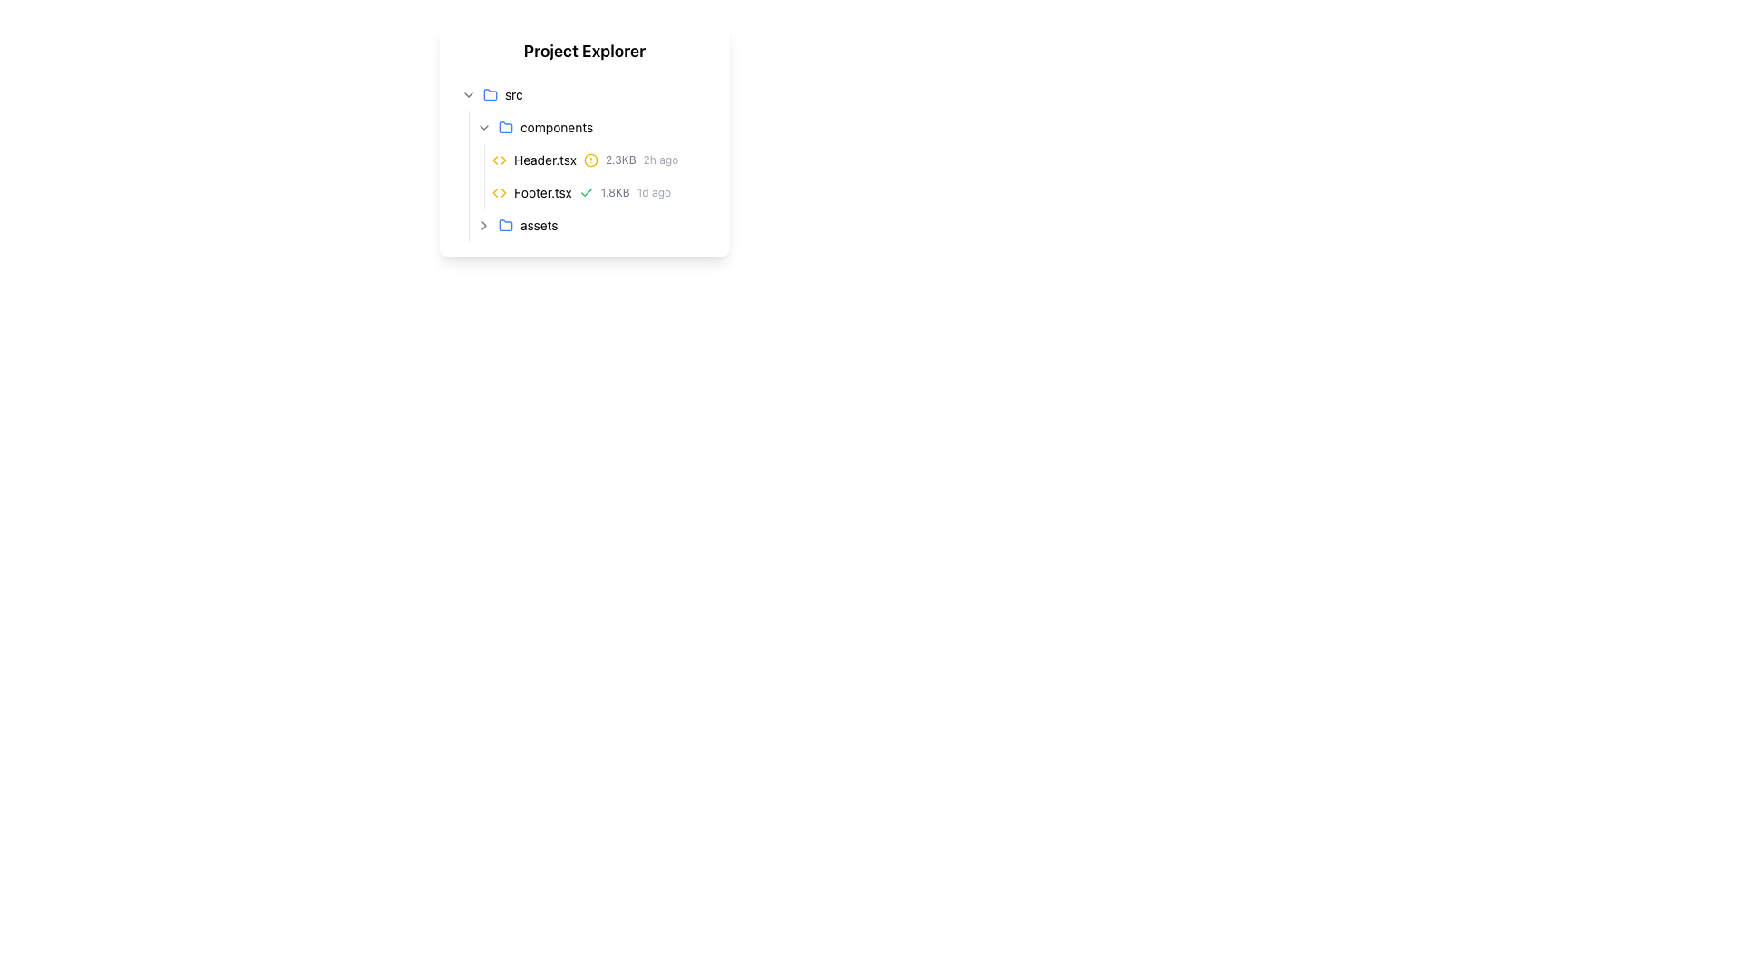  What do you see at coordinates (541, 192) in the screenshot?
I see `the text label 'Footer.tsx' located in the 'Project Explorer' pane under the 'components' folder` at bounding box center [541, 192].